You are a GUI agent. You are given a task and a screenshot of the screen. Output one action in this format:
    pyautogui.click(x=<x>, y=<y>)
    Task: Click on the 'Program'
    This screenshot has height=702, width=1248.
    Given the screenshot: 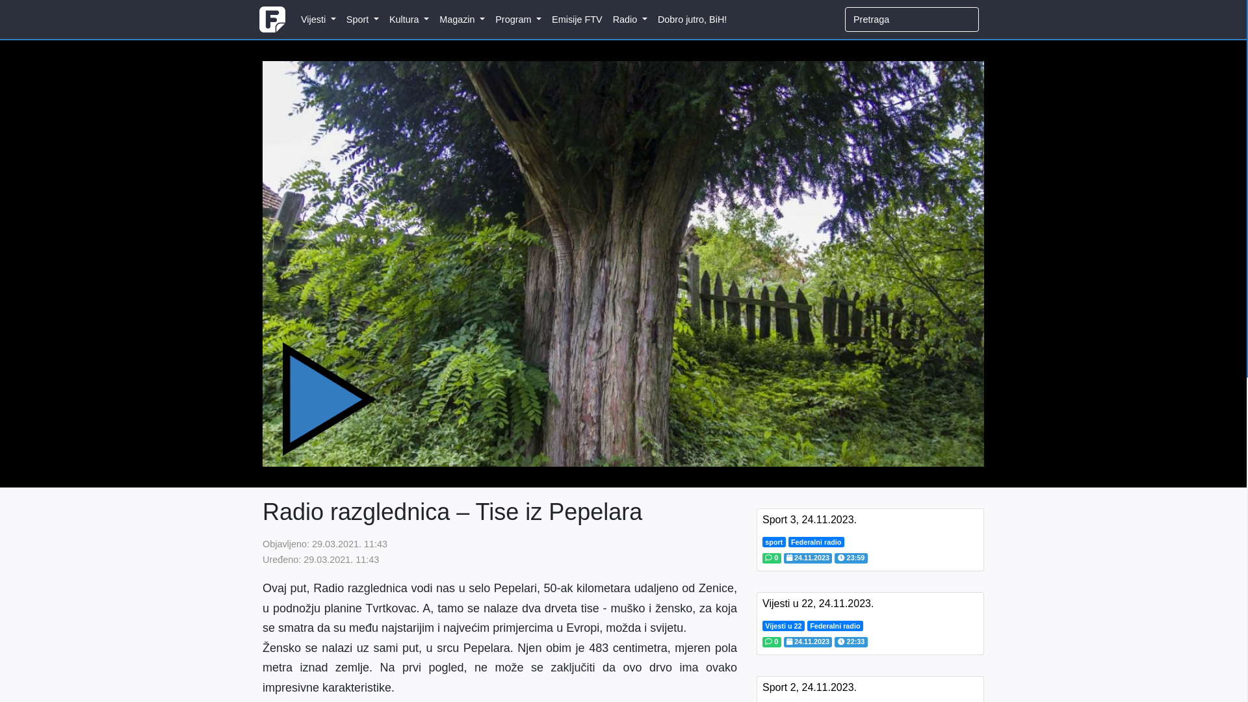 What is the action you would take?
    pyautogui.click(x=517, y=19)
    